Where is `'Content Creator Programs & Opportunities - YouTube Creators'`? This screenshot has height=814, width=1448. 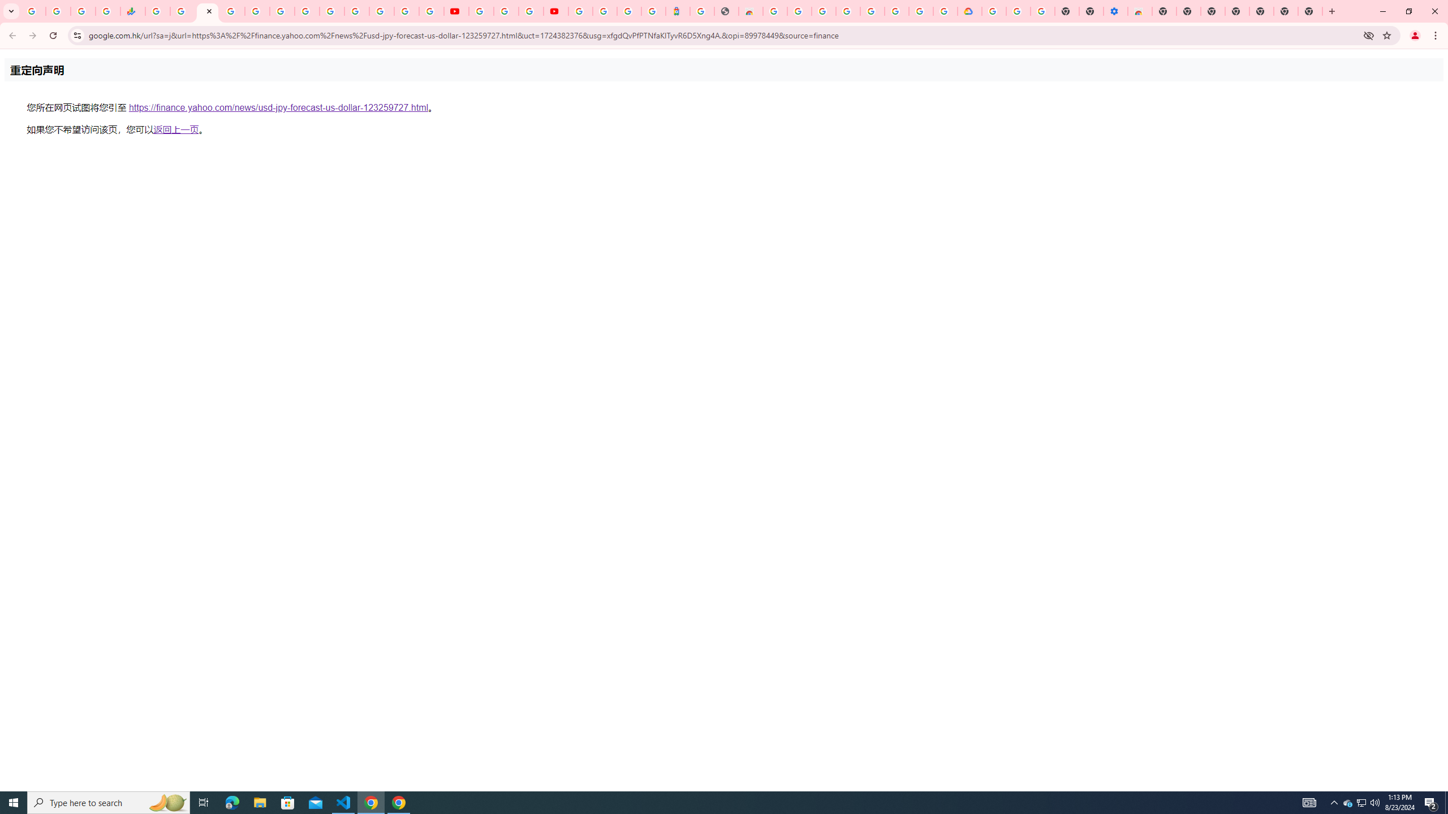 'Content Creator Programs & Opportunities - YouTube Creators' is located at coordinates (555, 11).